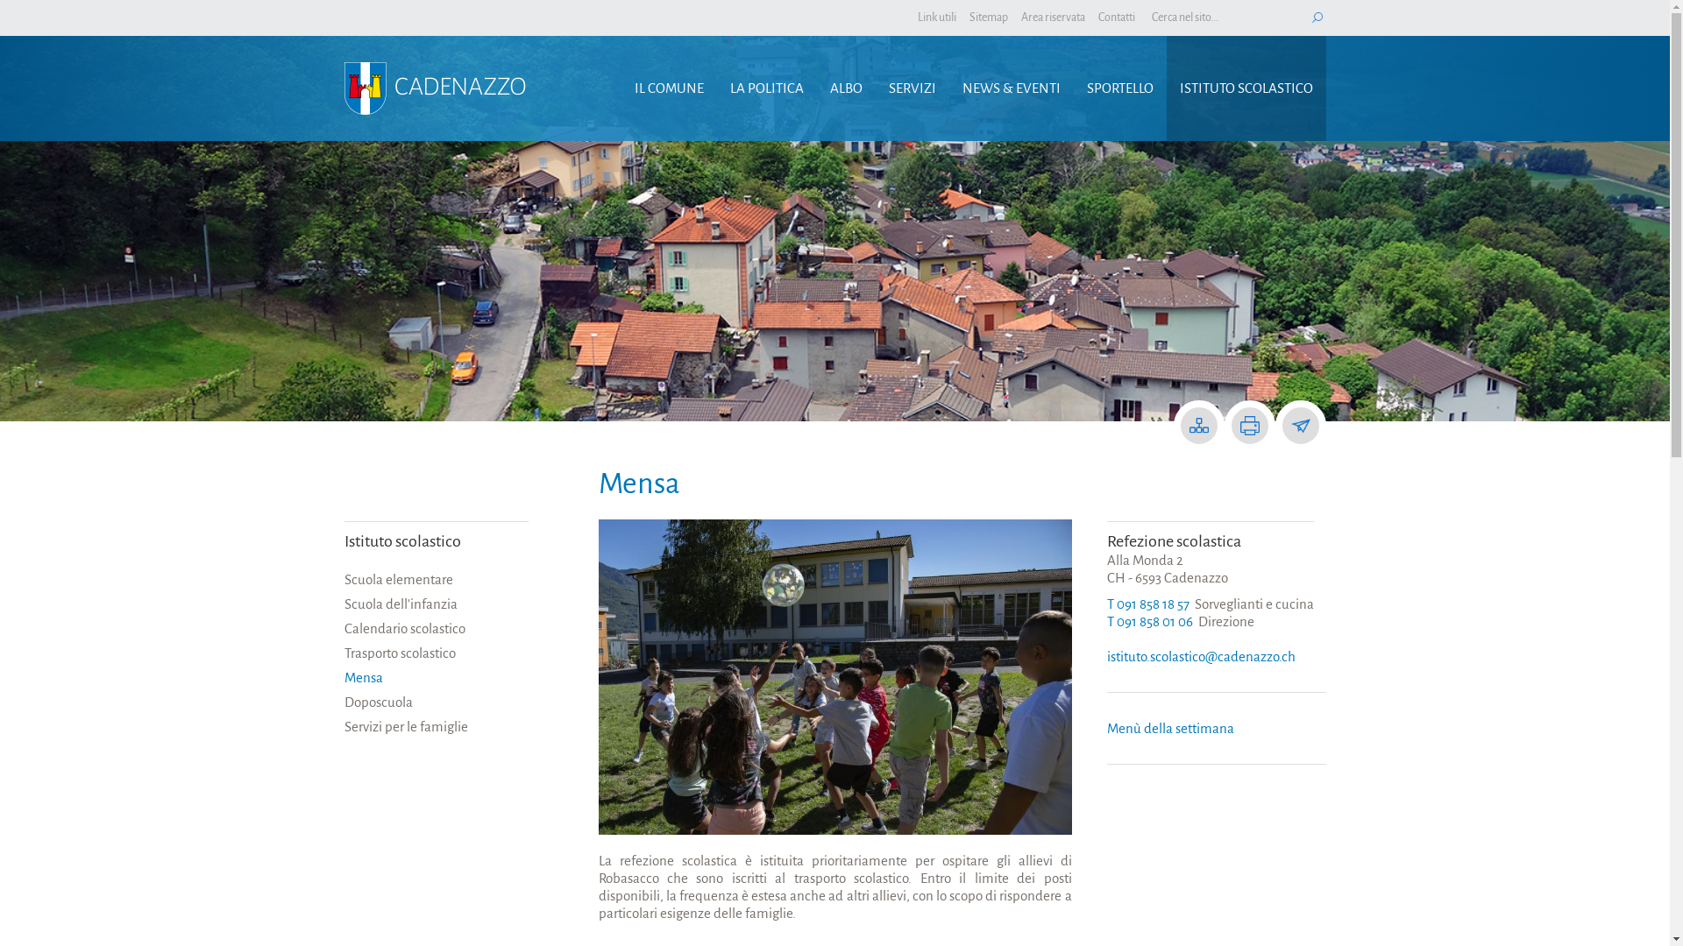  I want to click on 'NEWS & EVENTI', so click(947, 88).